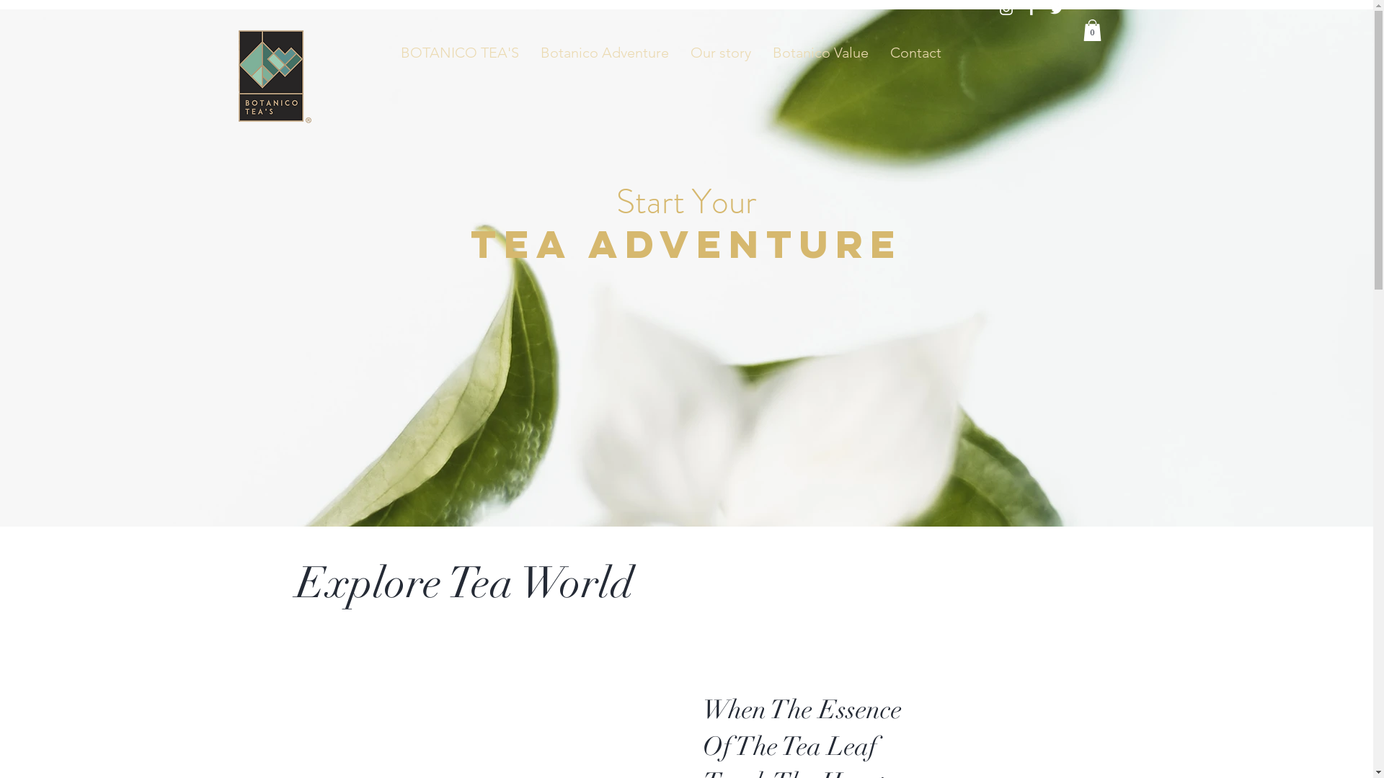 The width and height of the screenshot is (1384, 778). What do you see at coordinates (915, 52) in the screenshot?
I see `'Contact'` at bounding box center [915, 52].